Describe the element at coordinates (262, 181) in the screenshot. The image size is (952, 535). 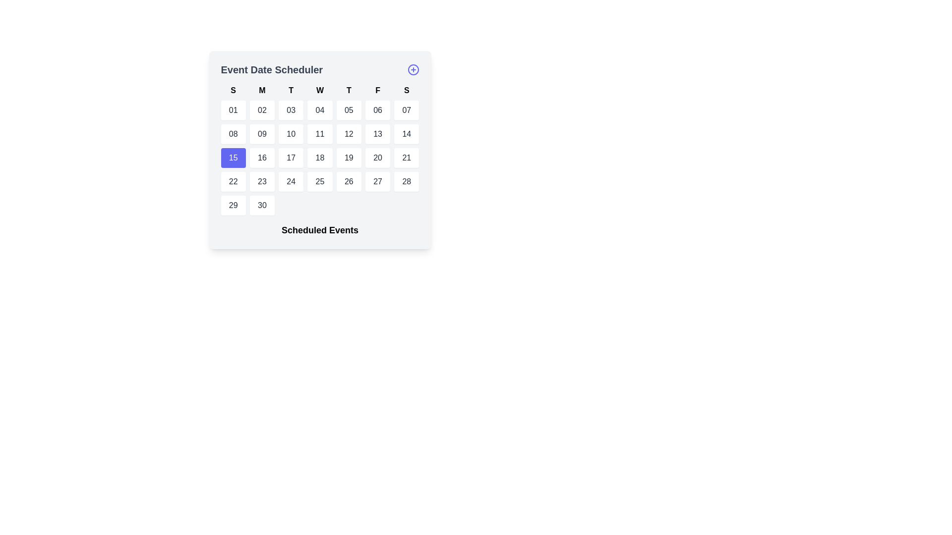
I see `the date selection button located in the sixth row and fourth column of the calendar grid` at that location.